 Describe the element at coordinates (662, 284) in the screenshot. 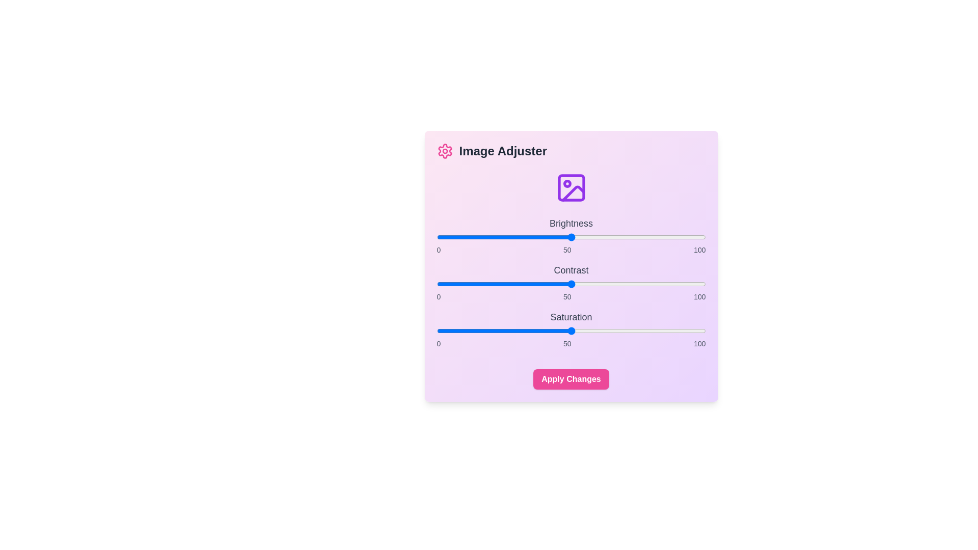

I see `the contrast slider to 84 percent` at that location.